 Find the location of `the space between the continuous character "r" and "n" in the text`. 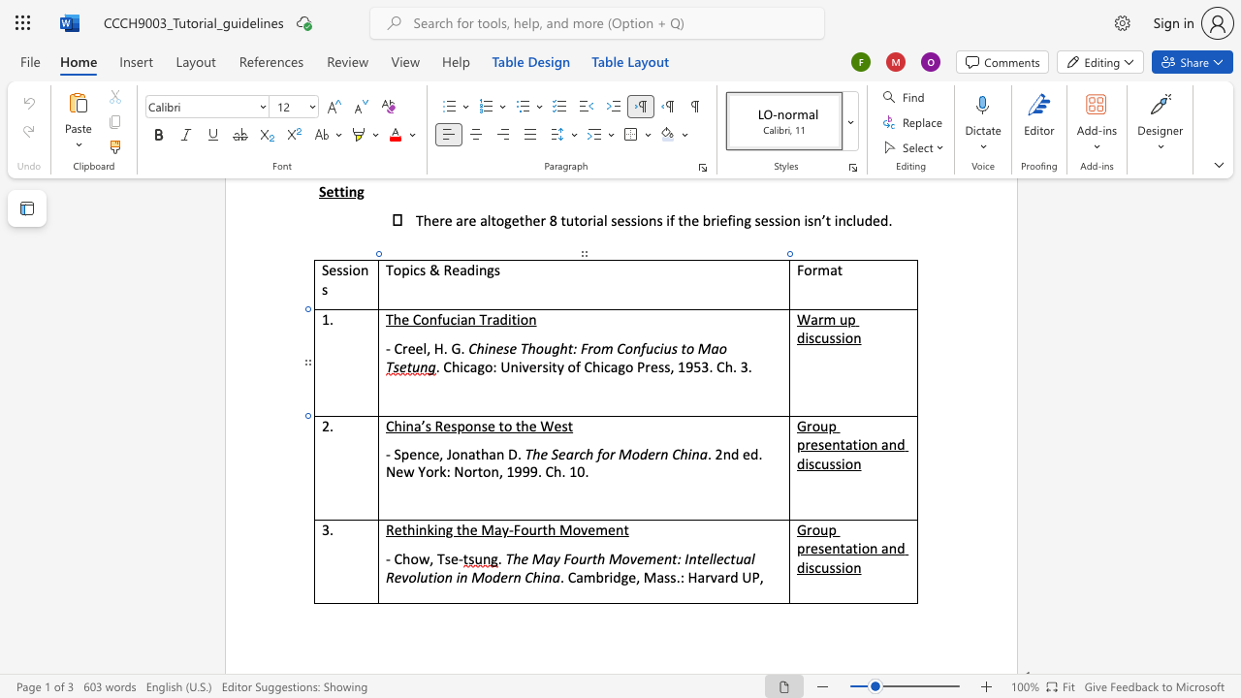

the space between the continuous character "r" and "n" in the text is located at coordinates (660, 454).